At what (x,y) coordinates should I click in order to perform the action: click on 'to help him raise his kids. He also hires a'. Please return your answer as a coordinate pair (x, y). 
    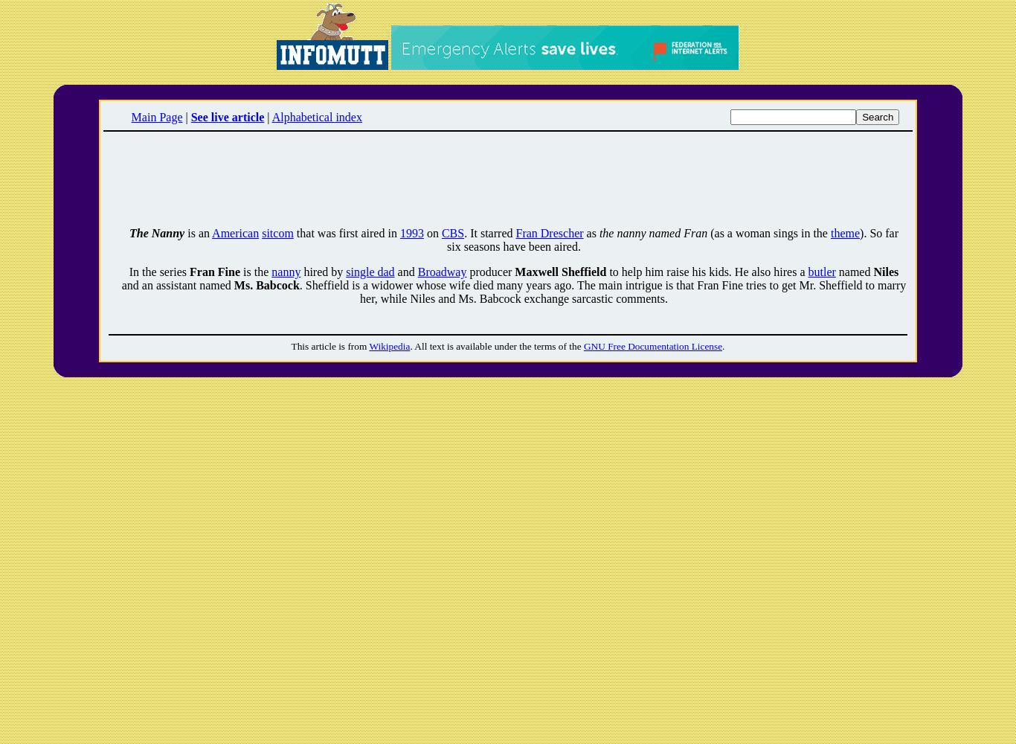
    Looking at the image, I should click on (707, 271).